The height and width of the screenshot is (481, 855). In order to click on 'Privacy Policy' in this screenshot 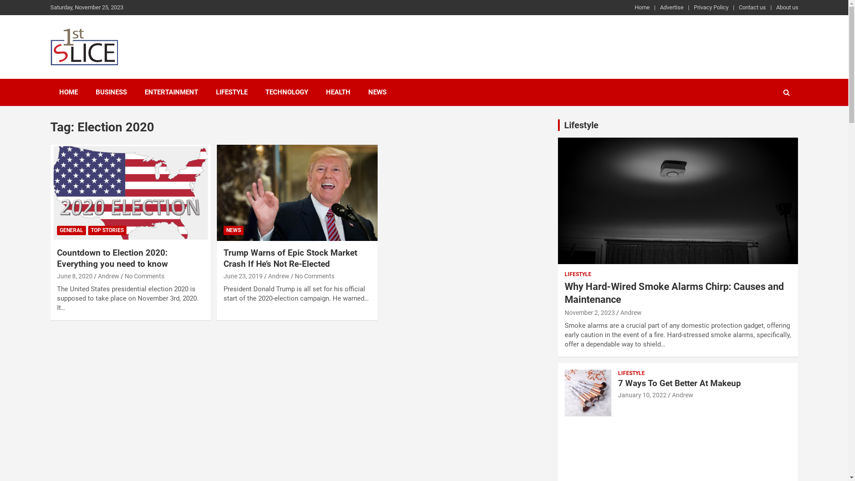, I will do `click(711, 7)`.